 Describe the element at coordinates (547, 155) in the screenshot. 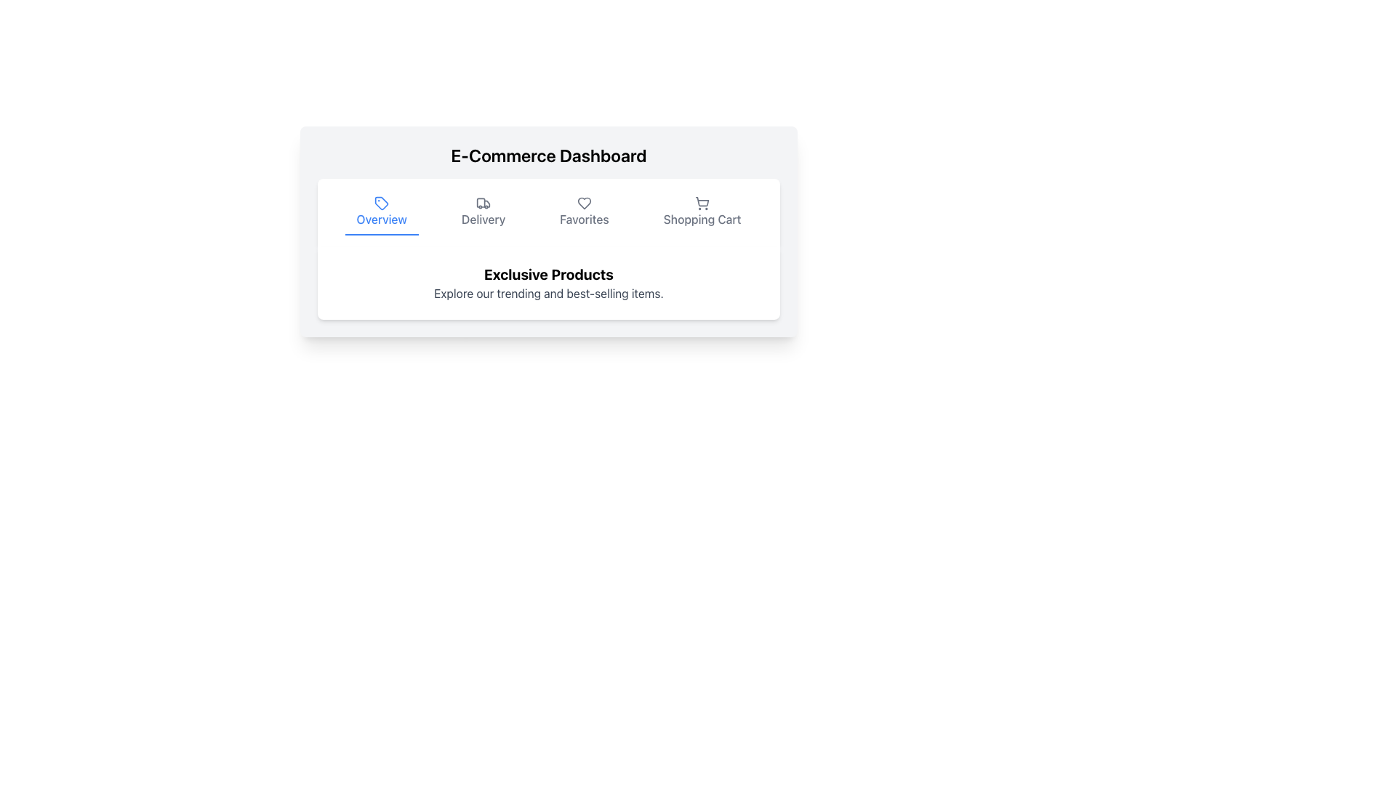

I see `the static title text element for the 'E-Commerce Dashboard' section, which is centrally aligned and precedes the navigation buttons` at that location.